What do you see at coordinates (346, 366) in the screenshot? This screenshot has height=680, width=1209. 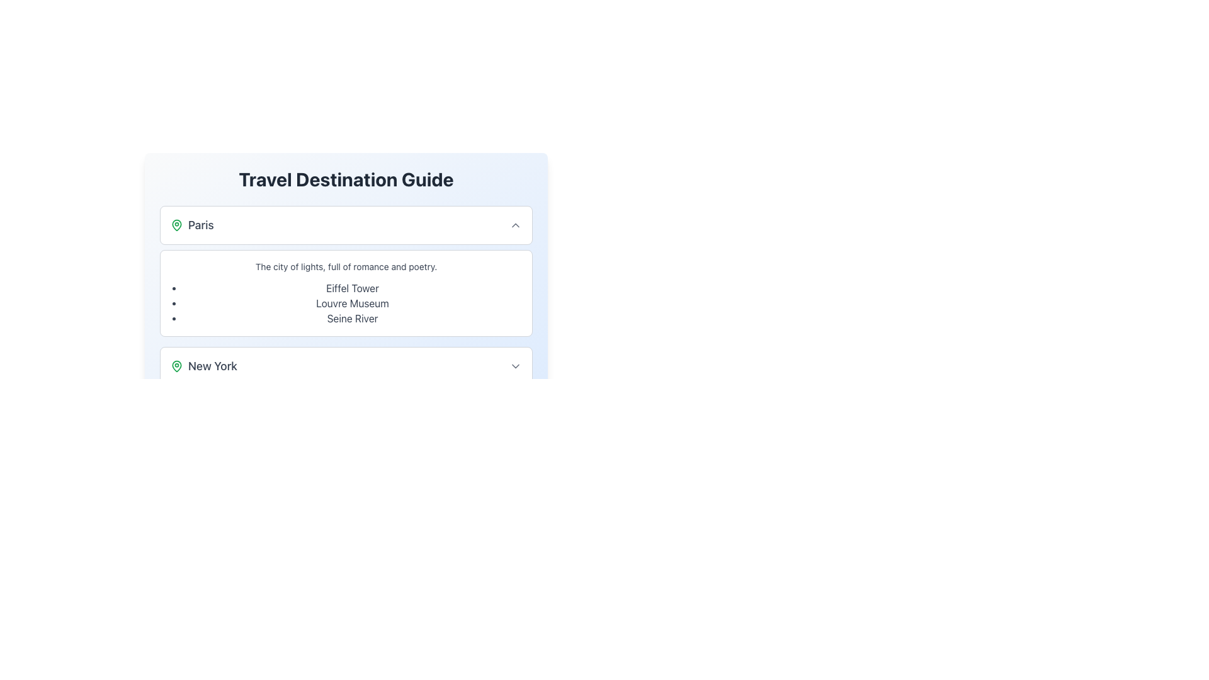 I see `on the selectable list item for 'New York'` at bounding box center [346, 366].